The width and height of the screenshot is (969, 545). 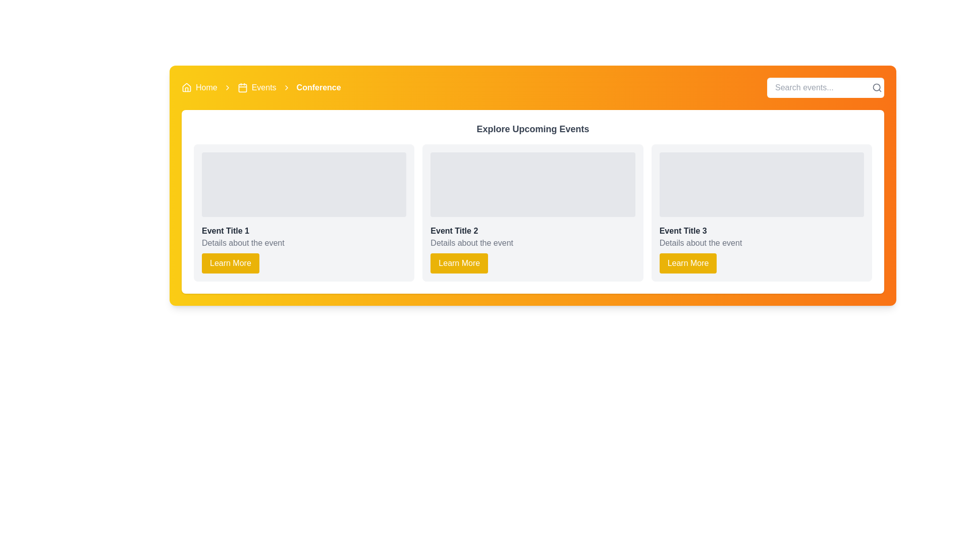 I want to click on the interactive card with a light gray background and a yellow 'Learn More' button located in the rightmost position of the three-column grid layout, so click(x=762, y=212).